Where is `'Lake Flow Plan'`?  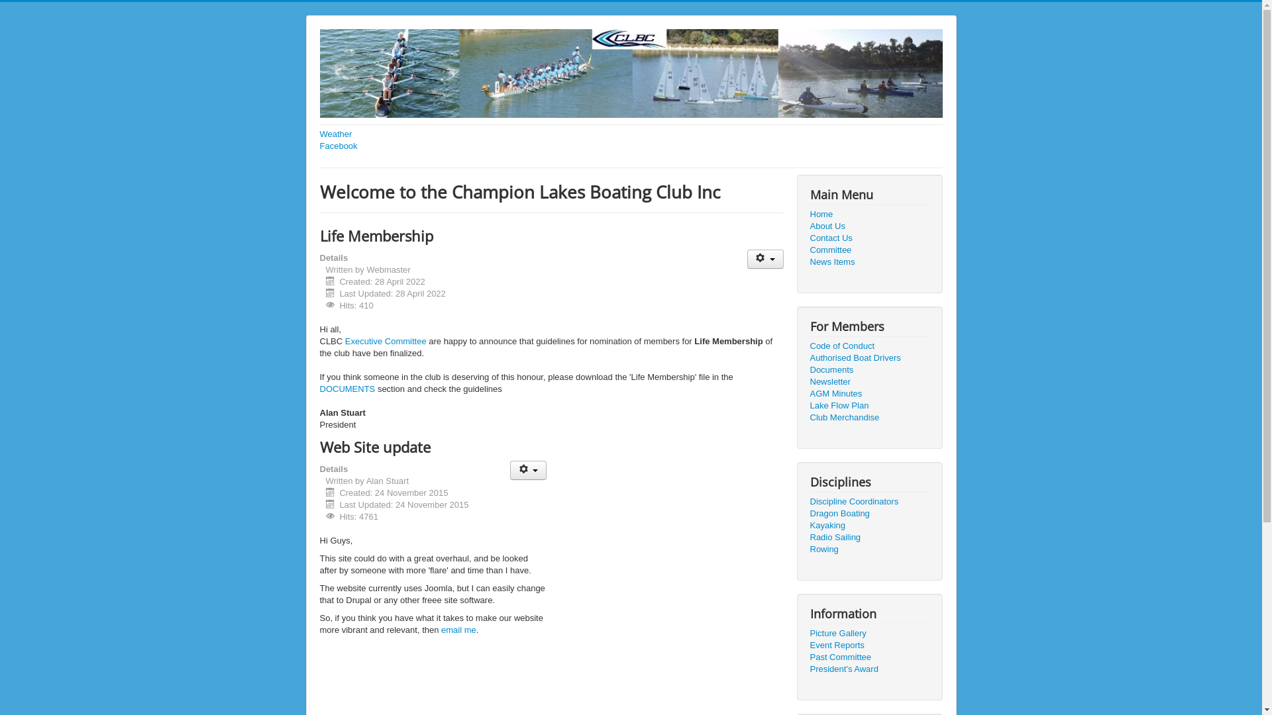
'Lake Flow Plan' is located at coordinates (869, 405).